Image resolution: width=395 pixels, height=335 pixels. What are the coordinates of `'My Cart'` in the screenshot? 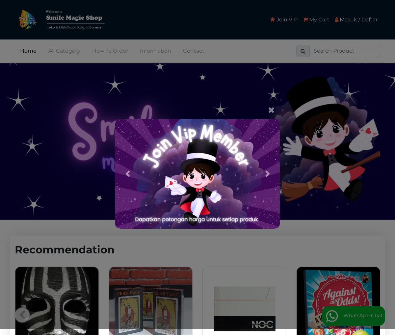 It's located at (308, 19).